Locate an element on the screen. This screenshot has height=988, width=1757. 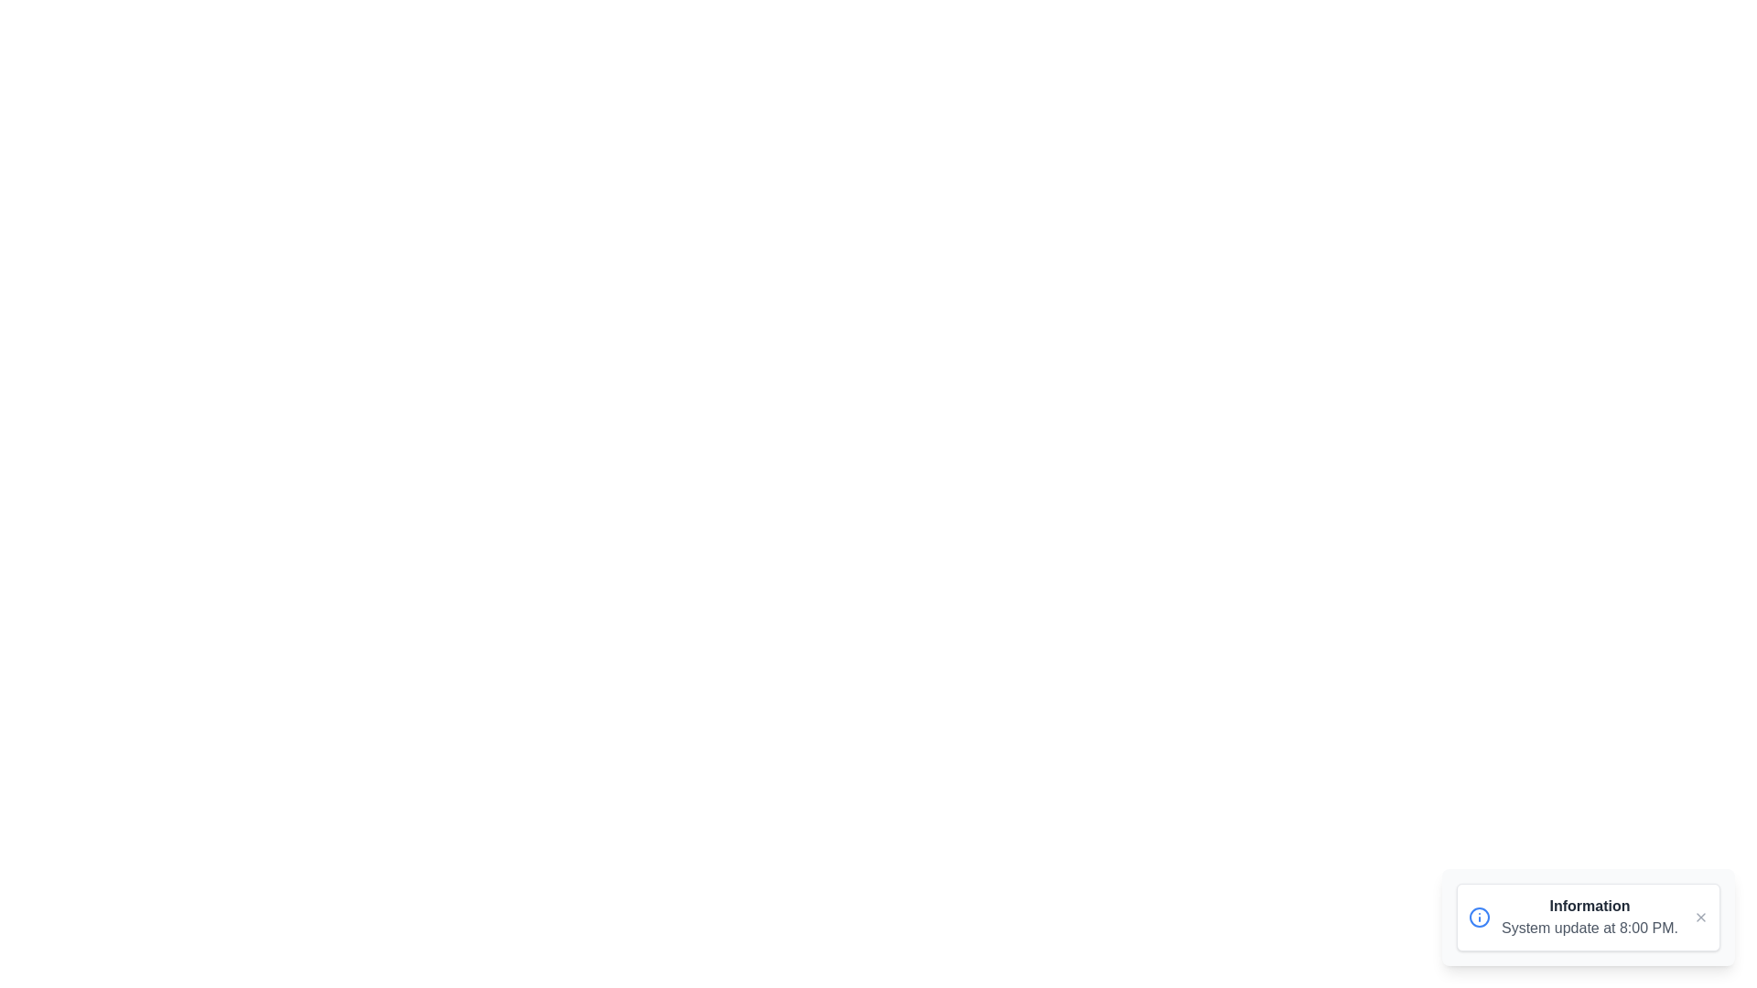
the close button of the notification is located at coordinates (1699, 917).